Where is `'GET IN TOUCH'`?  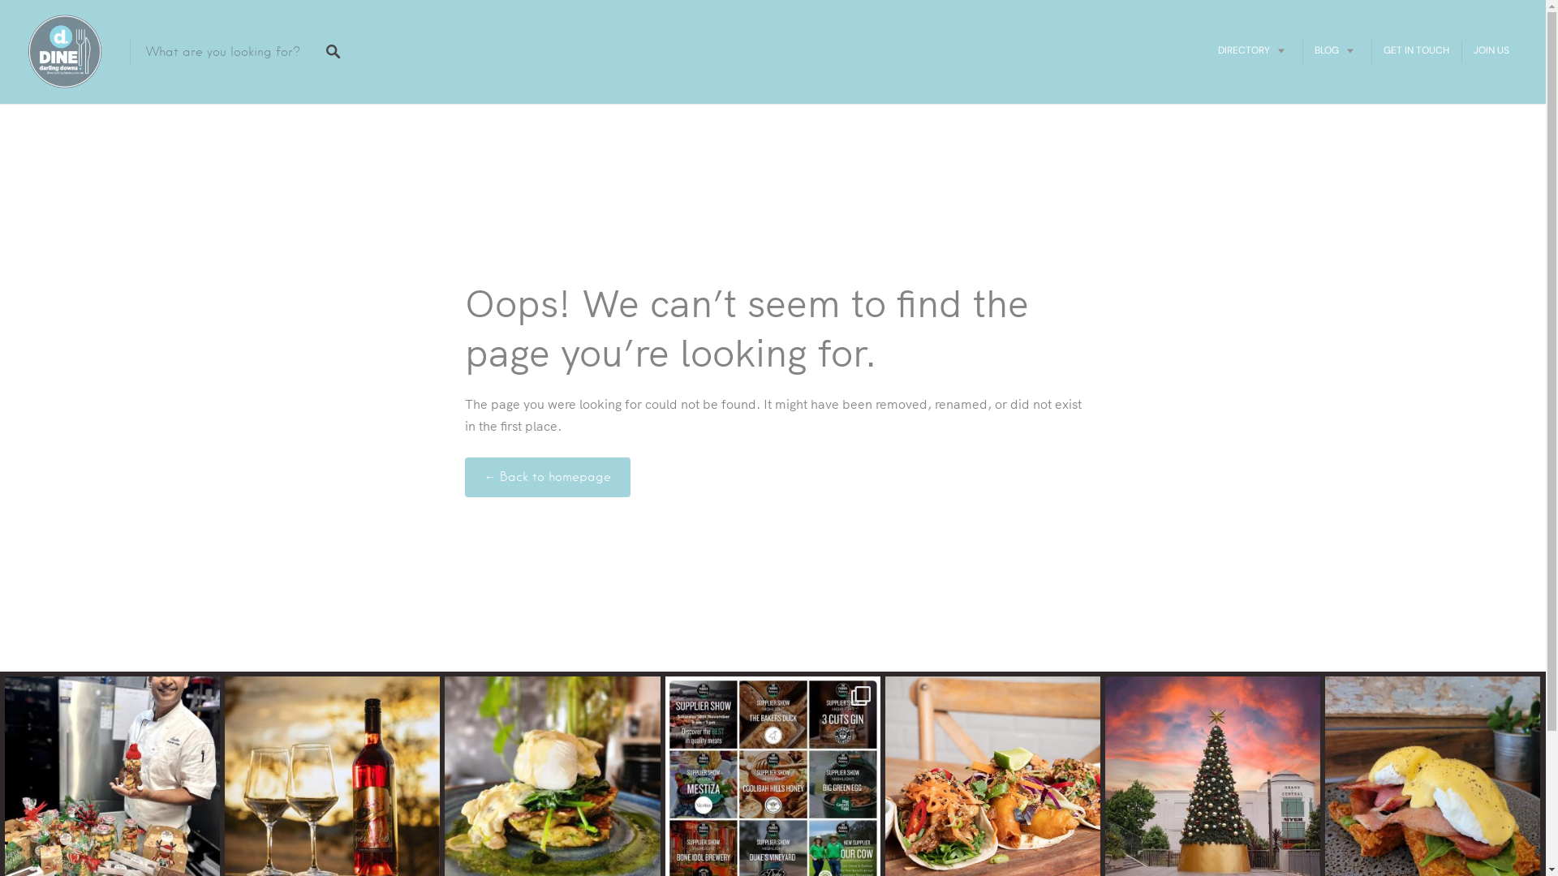 'GET IN TOUCH' is located at coordinates (1415, 49).